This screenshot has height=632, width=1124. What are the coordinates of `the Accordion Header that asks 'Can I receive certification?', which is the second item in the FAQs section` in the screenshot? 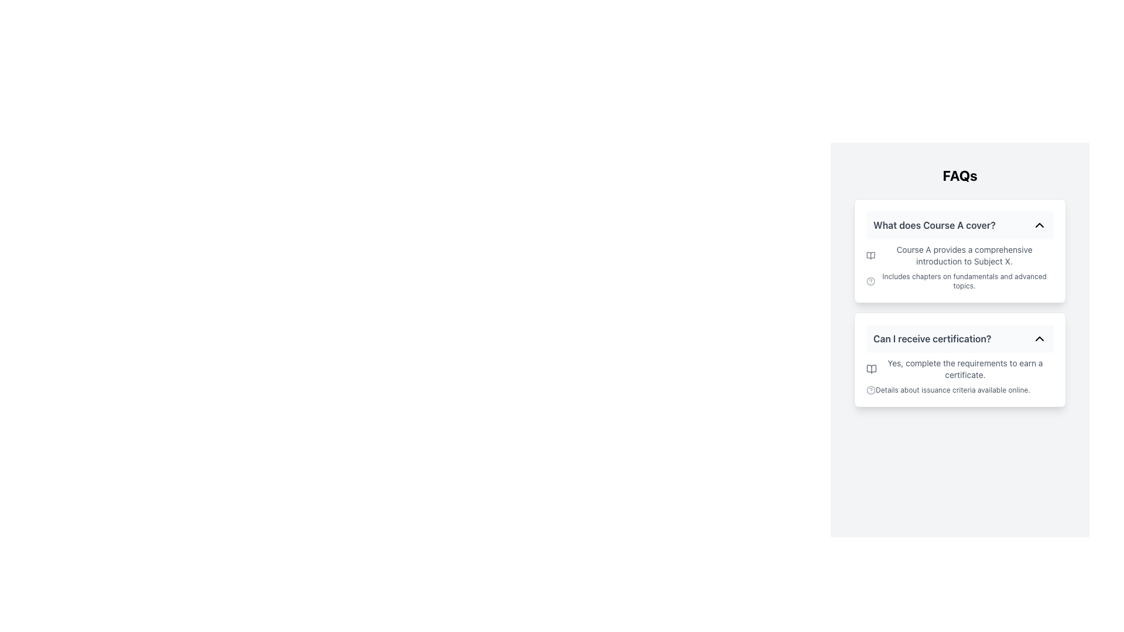 It's located at (960, 338).